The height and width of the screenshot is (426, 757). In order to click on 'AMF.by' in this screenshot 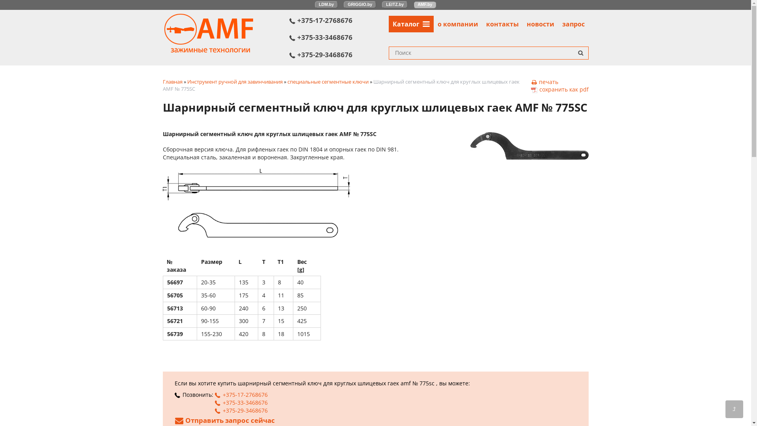, I will do `click(424, 4)`.